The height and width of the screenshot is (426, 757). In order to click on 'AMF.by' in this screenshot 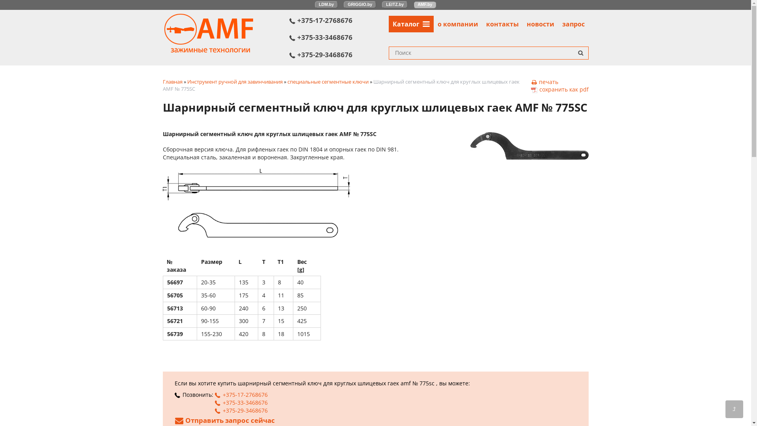, I will do `click(424, 4)`.